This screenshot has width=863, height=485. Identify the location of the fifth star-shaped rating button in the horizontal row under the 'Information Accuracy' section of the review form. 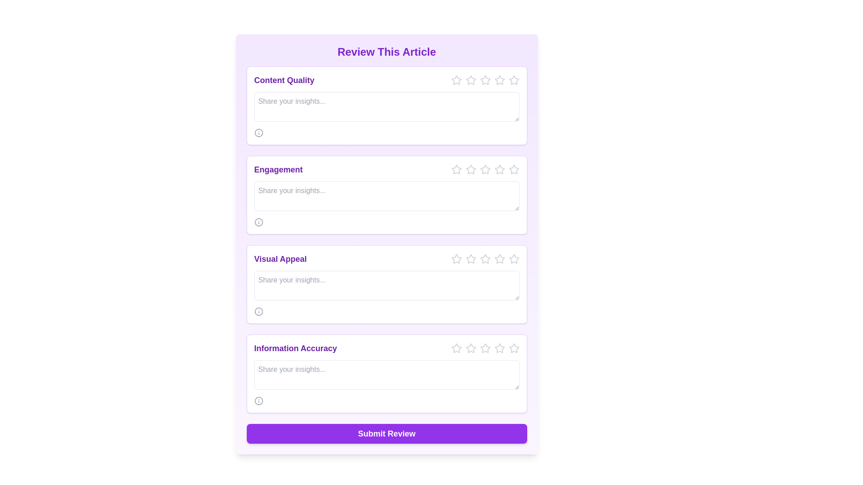
(514, 348).